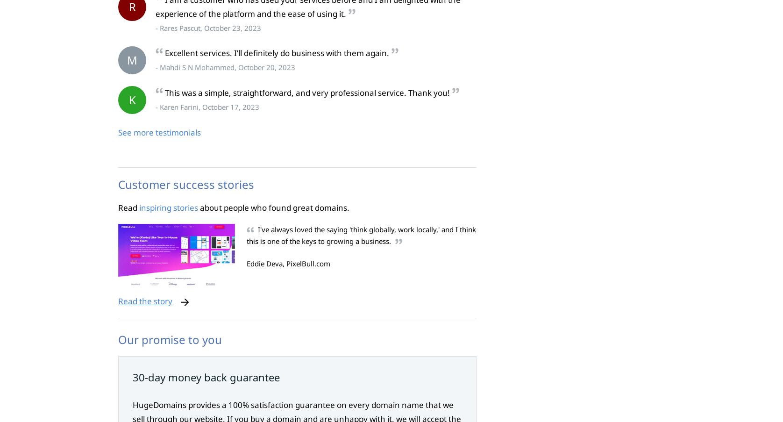 This screenshot has width=783, height=422. What do you see at coordinates (361, 235) in the screenshot?
I see `'I've always loved the saying 'think globally, work locally,' and I think this is one of the keys to growing a business.'` at bounding box center [361, 235].